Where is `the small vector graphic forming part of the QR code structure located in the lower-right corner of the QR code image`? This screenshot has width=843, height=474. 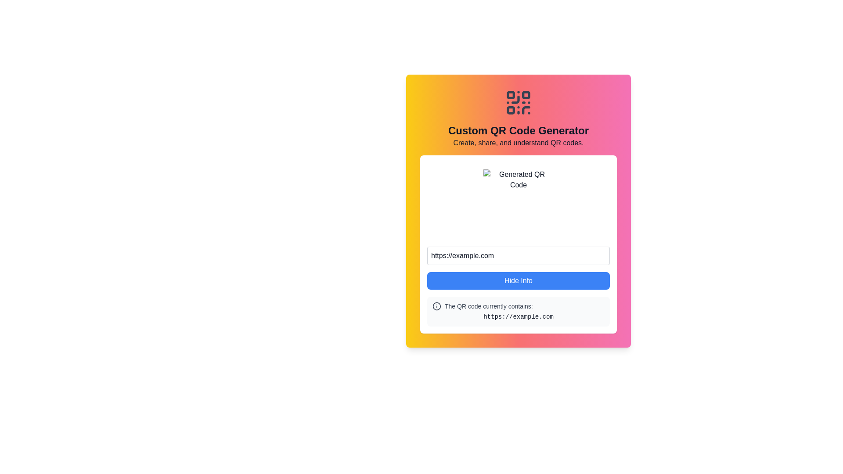 the small vector graphic forming part of the QR code structure located in the lower-right corner of the QR code image is located at coordinates (526, 110).